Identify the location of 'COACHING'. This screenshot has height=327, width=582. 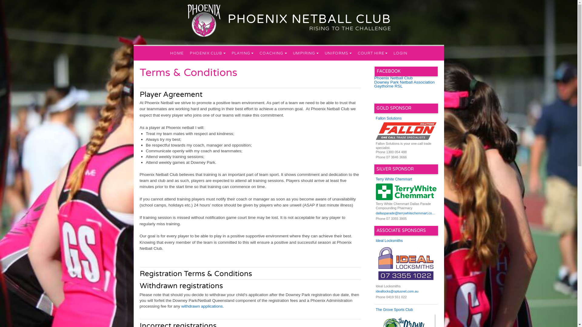
(273, 53).